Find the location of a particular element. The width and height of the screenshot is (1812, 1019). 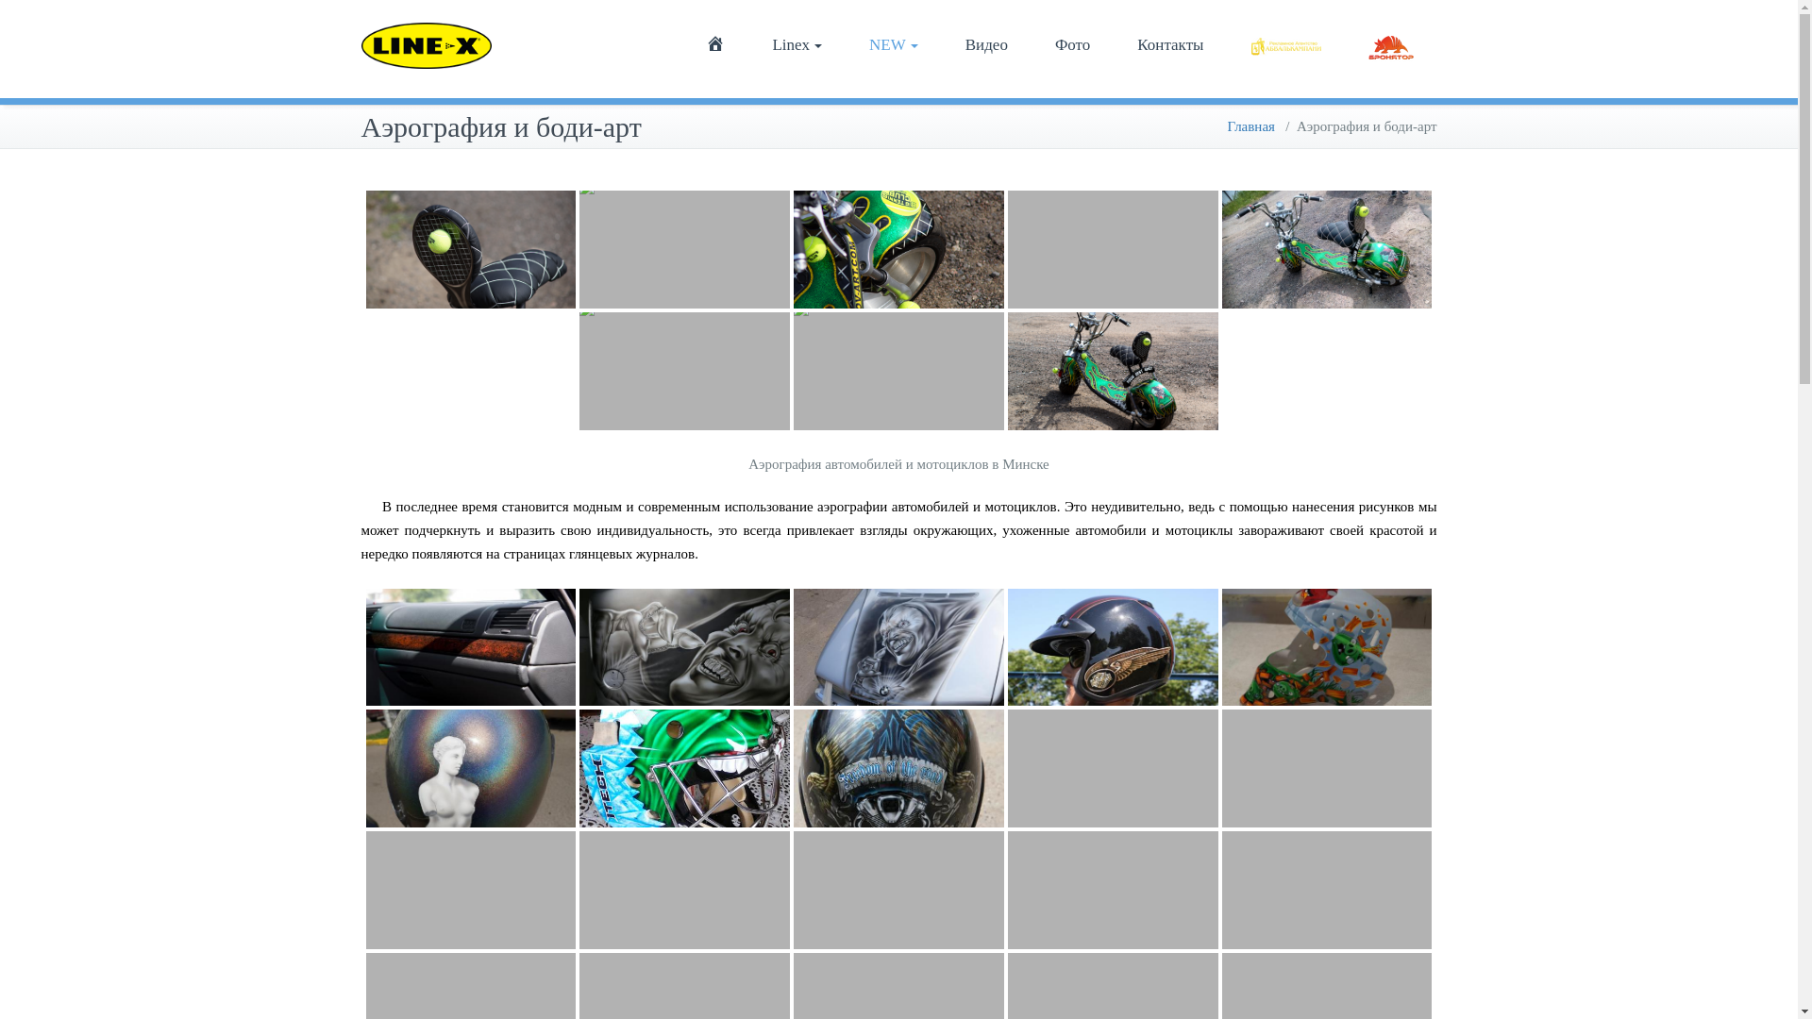

'NEW' is located at coordinates (892, 43).